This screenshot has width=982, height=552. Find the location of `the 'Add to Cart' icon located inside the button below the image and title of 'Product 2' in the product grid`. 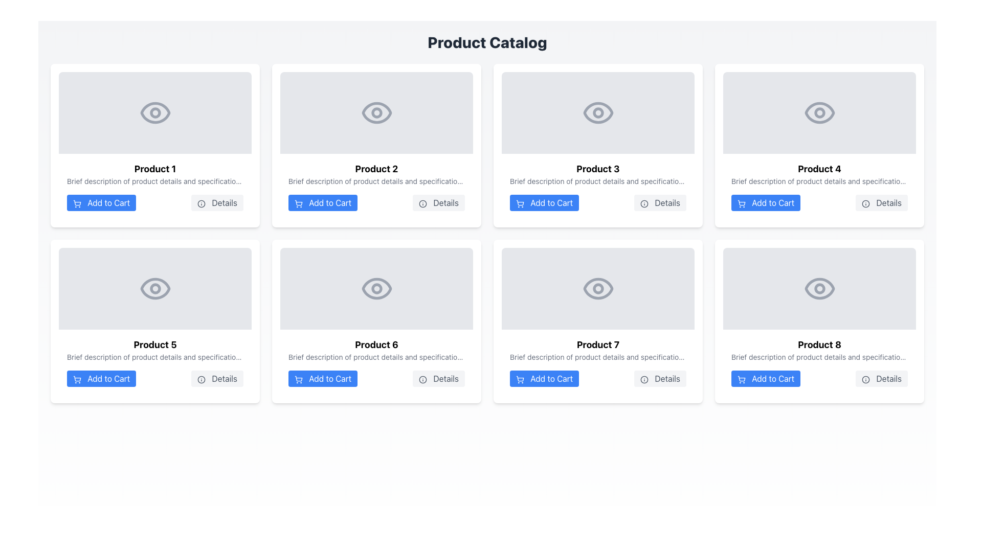

the 'Add to Cart' icon located inside the button below the image and title of 'Product 2' in the product grid is located at coordinates (298, 203).